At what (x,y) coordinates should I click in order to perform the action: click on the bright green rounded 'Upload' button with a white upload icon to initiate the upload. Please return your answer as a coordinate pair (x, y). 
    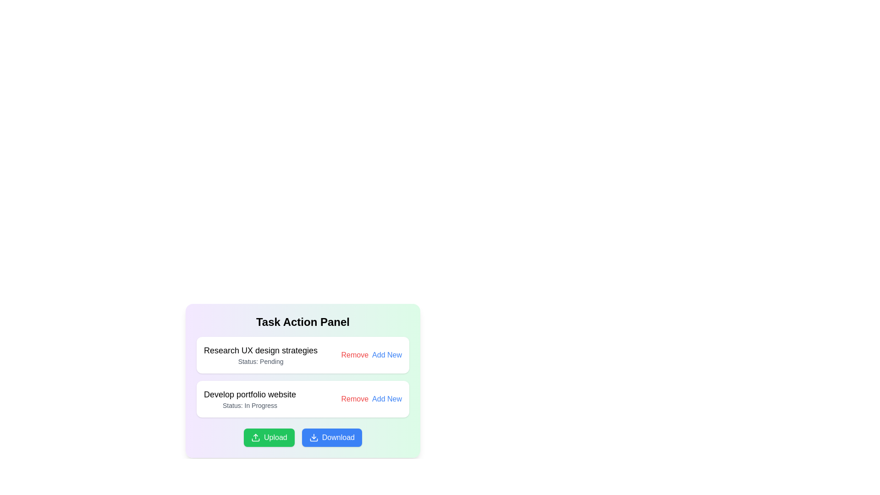
    Looking at the image, I should click on (269, 437).